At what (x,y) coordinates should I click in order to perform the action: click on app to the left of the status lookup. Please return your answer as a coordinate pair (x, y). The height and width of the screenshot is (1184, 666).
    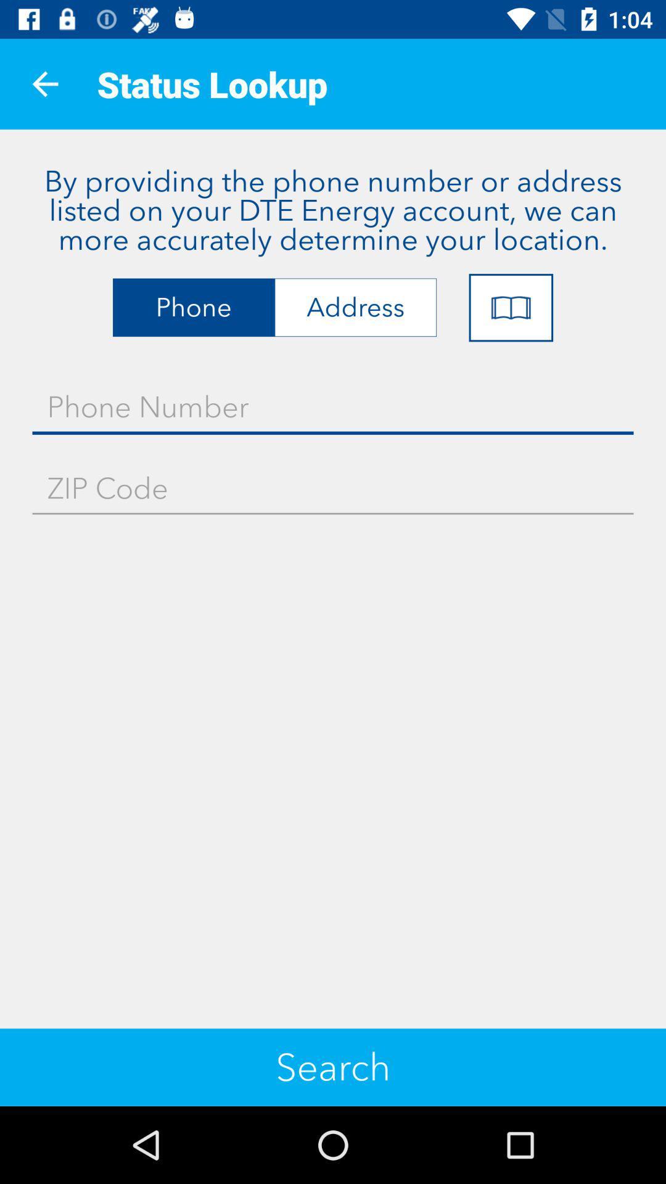
    Looking at the image, I should click on (44, 83).